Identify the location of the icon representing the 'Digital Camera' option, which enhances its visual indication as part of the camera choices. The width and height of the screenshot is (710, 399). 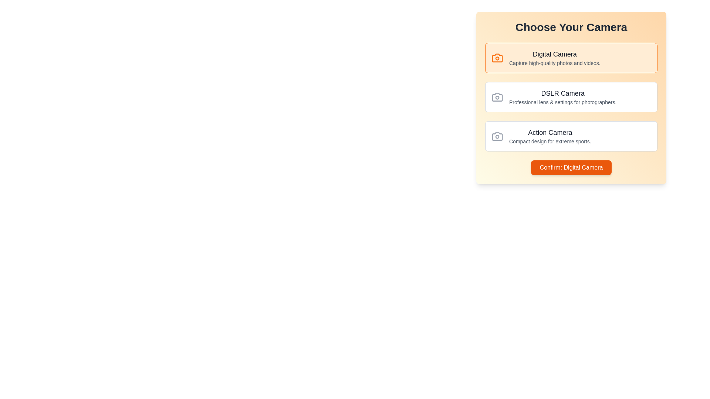
(497, 58).